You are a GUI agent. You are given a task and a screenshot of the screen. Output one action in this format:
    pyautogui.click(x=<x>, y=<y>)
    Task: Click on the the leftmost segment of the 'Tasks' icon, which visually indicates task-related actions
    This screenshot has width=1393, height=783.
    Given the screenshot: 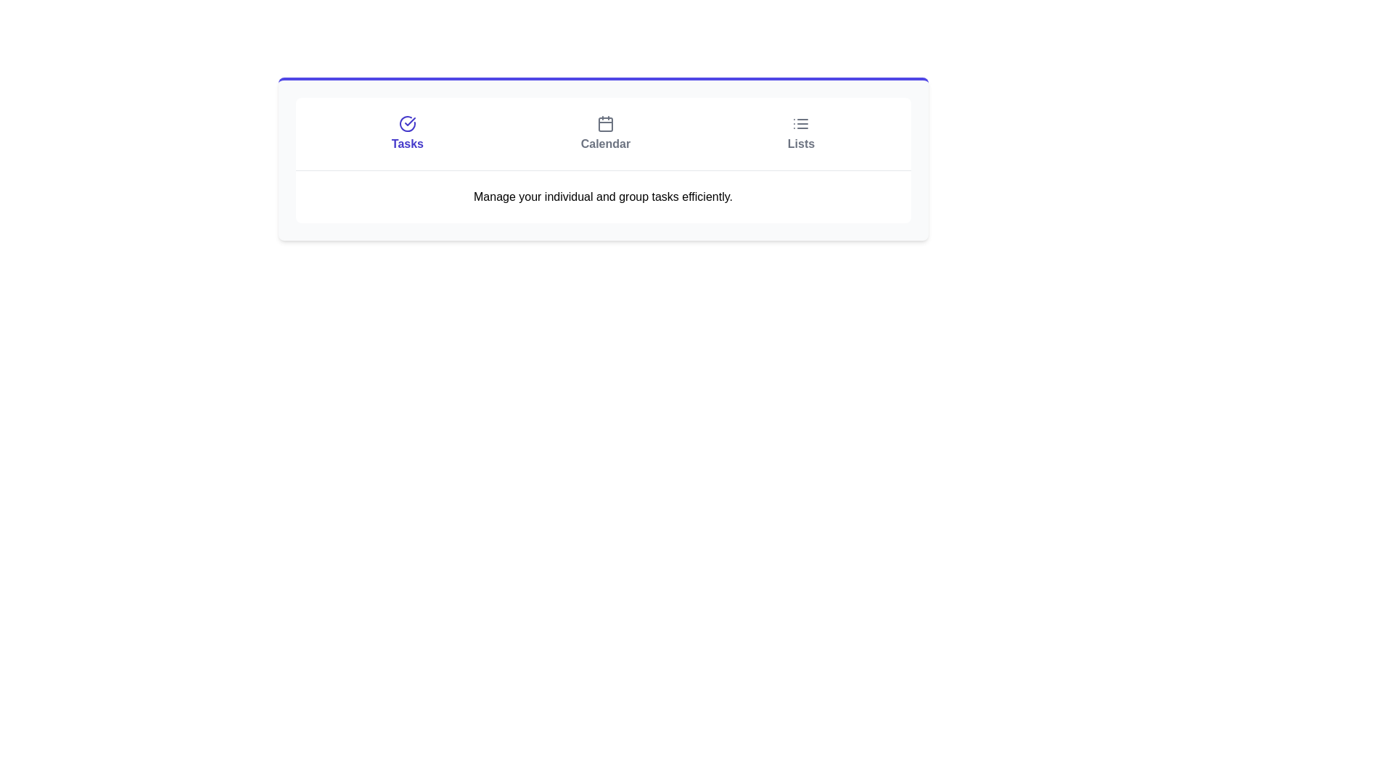 What is the action you would take?
    pyautogui.click(x=406, y=123)
    